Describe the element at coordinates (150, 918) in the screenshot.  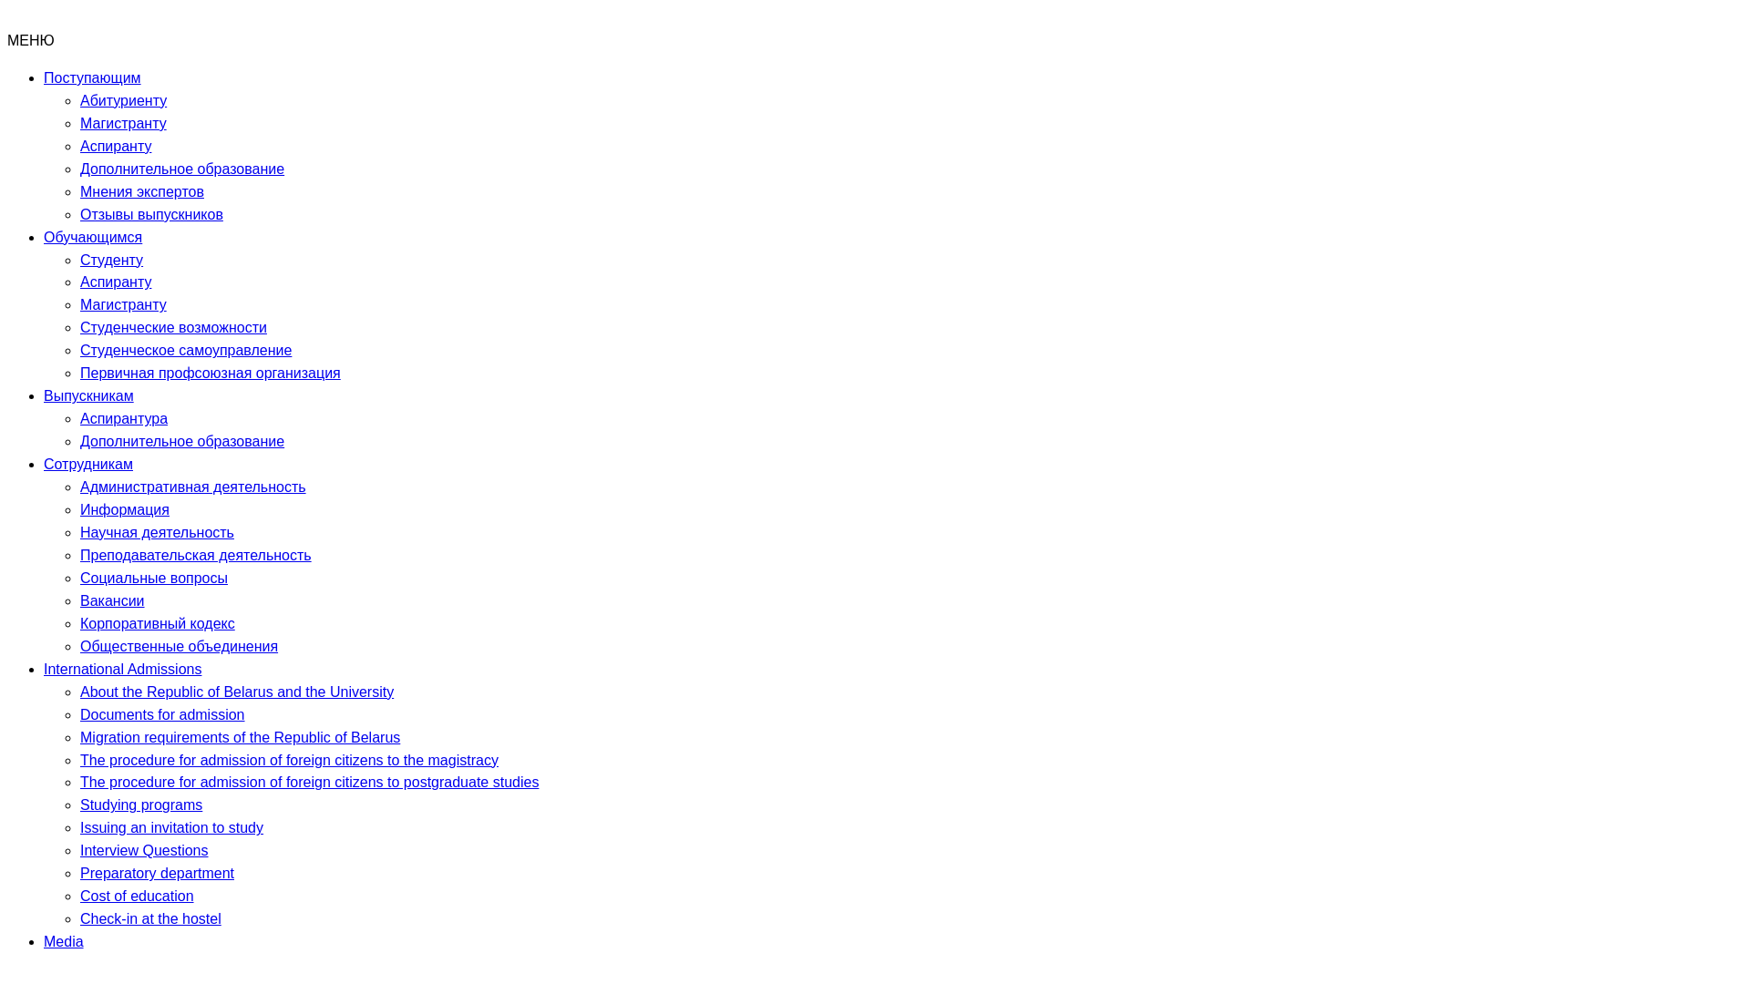
I see `'Check-in at the hostel'` at that location.